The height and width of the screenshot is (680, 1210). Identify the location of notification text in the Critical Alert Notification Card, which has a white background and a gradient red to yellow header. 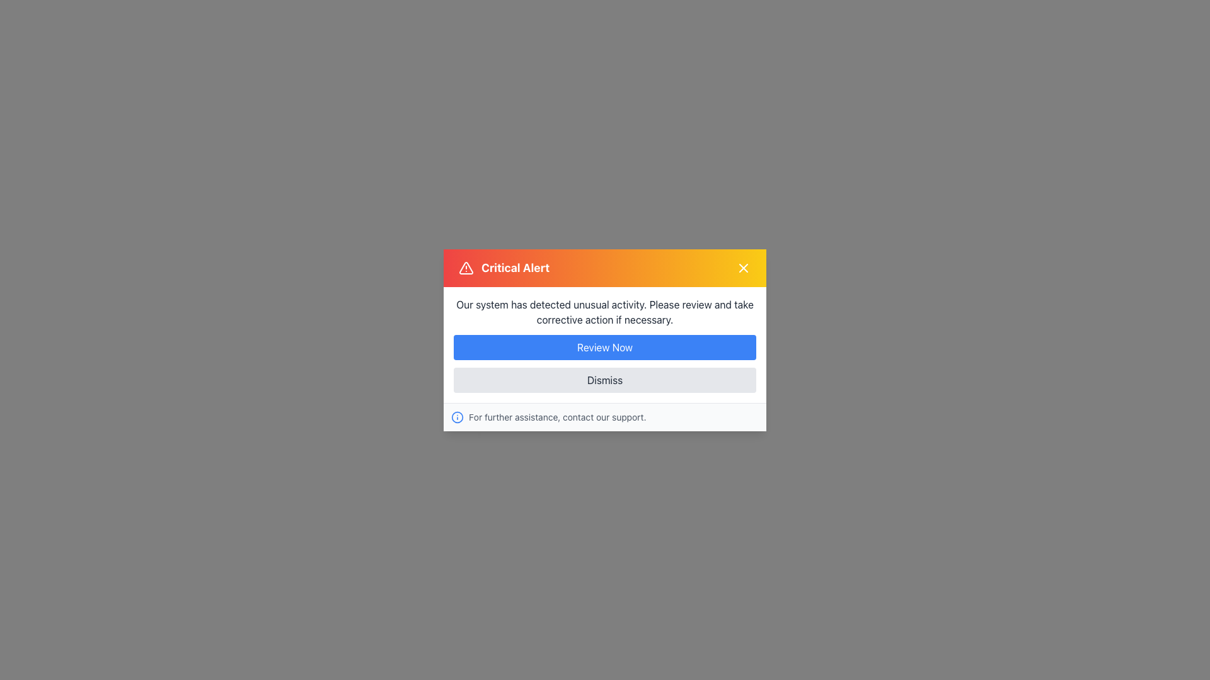
(605, 340).